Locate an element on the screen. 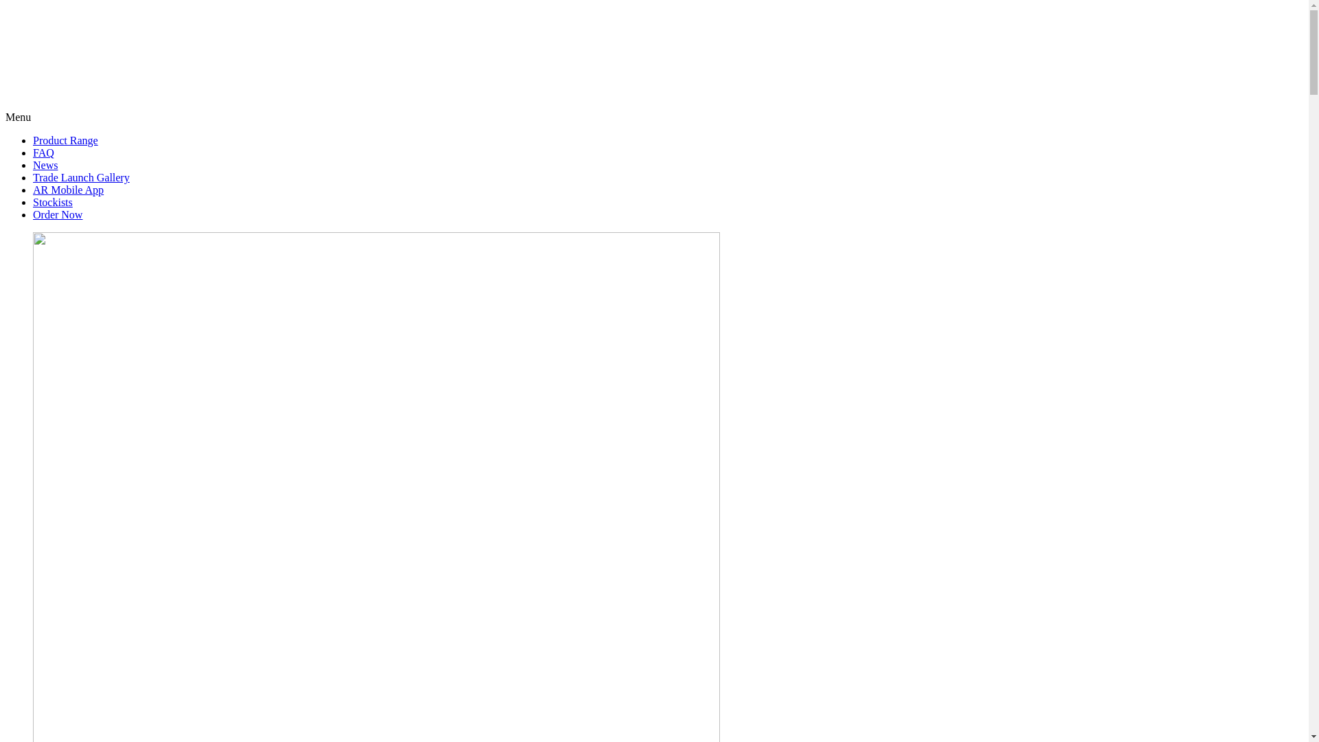 The width and height of the screenshot is (1319, 742). 'News' is located at coordinates (45, 164).